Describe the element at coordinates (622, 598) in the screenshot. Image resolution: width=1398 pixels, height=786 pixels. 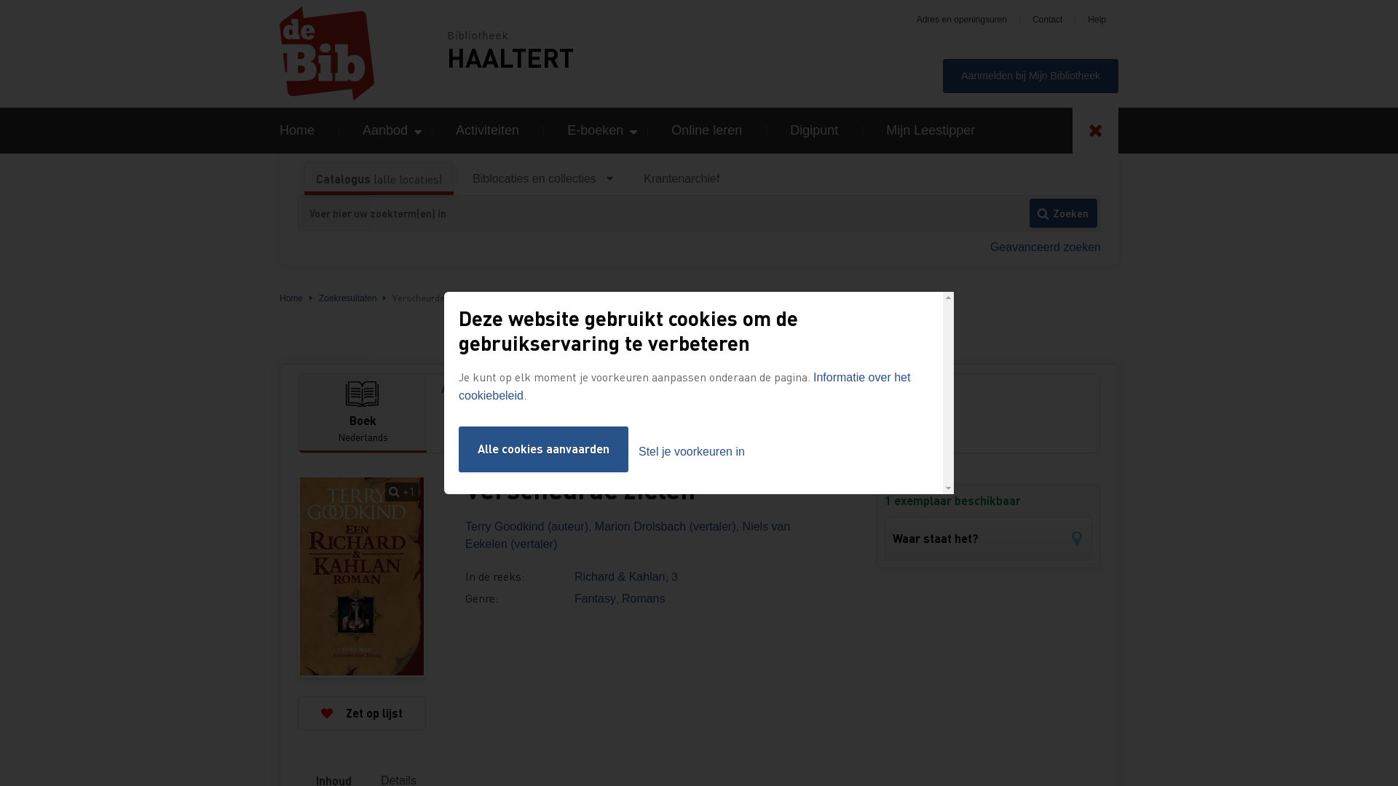
I see `'Romans'` at that location.